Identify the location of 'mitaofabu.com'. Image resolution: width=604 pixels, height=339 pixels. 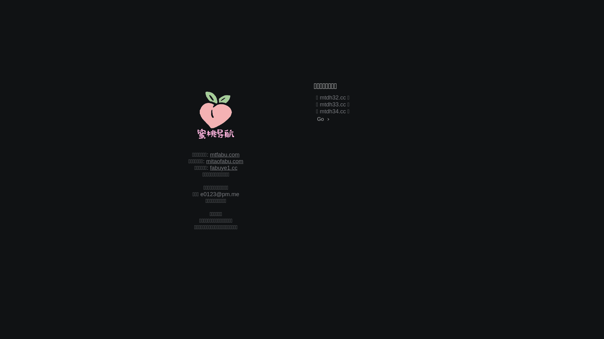
(225, 161).